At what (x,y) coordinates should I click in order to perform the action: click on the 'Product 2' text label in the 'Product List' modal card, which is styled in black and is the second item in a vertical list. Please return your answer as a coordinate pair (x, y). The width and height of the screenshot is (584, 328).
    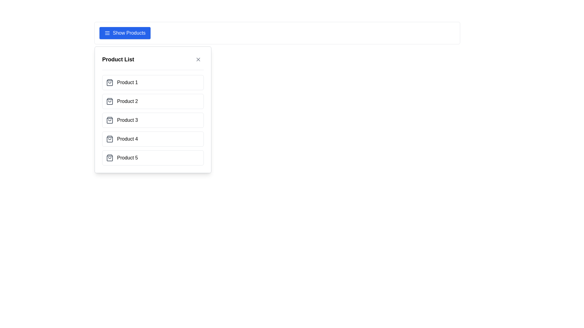
    Looking at the image, I should click on (127, 101).